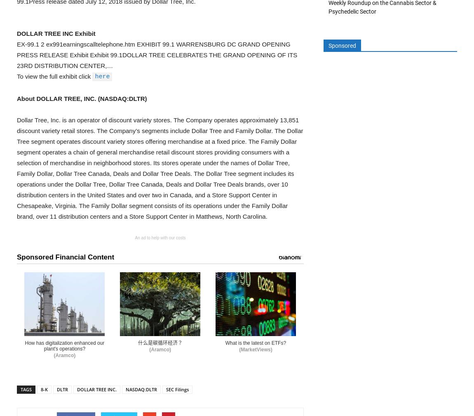 This screenshot has height=416, width=474. What do you see at coordinates (160, 237) in the screenshot?
I see `'An ad to help with our costs'` at bounding box center [160, 237].